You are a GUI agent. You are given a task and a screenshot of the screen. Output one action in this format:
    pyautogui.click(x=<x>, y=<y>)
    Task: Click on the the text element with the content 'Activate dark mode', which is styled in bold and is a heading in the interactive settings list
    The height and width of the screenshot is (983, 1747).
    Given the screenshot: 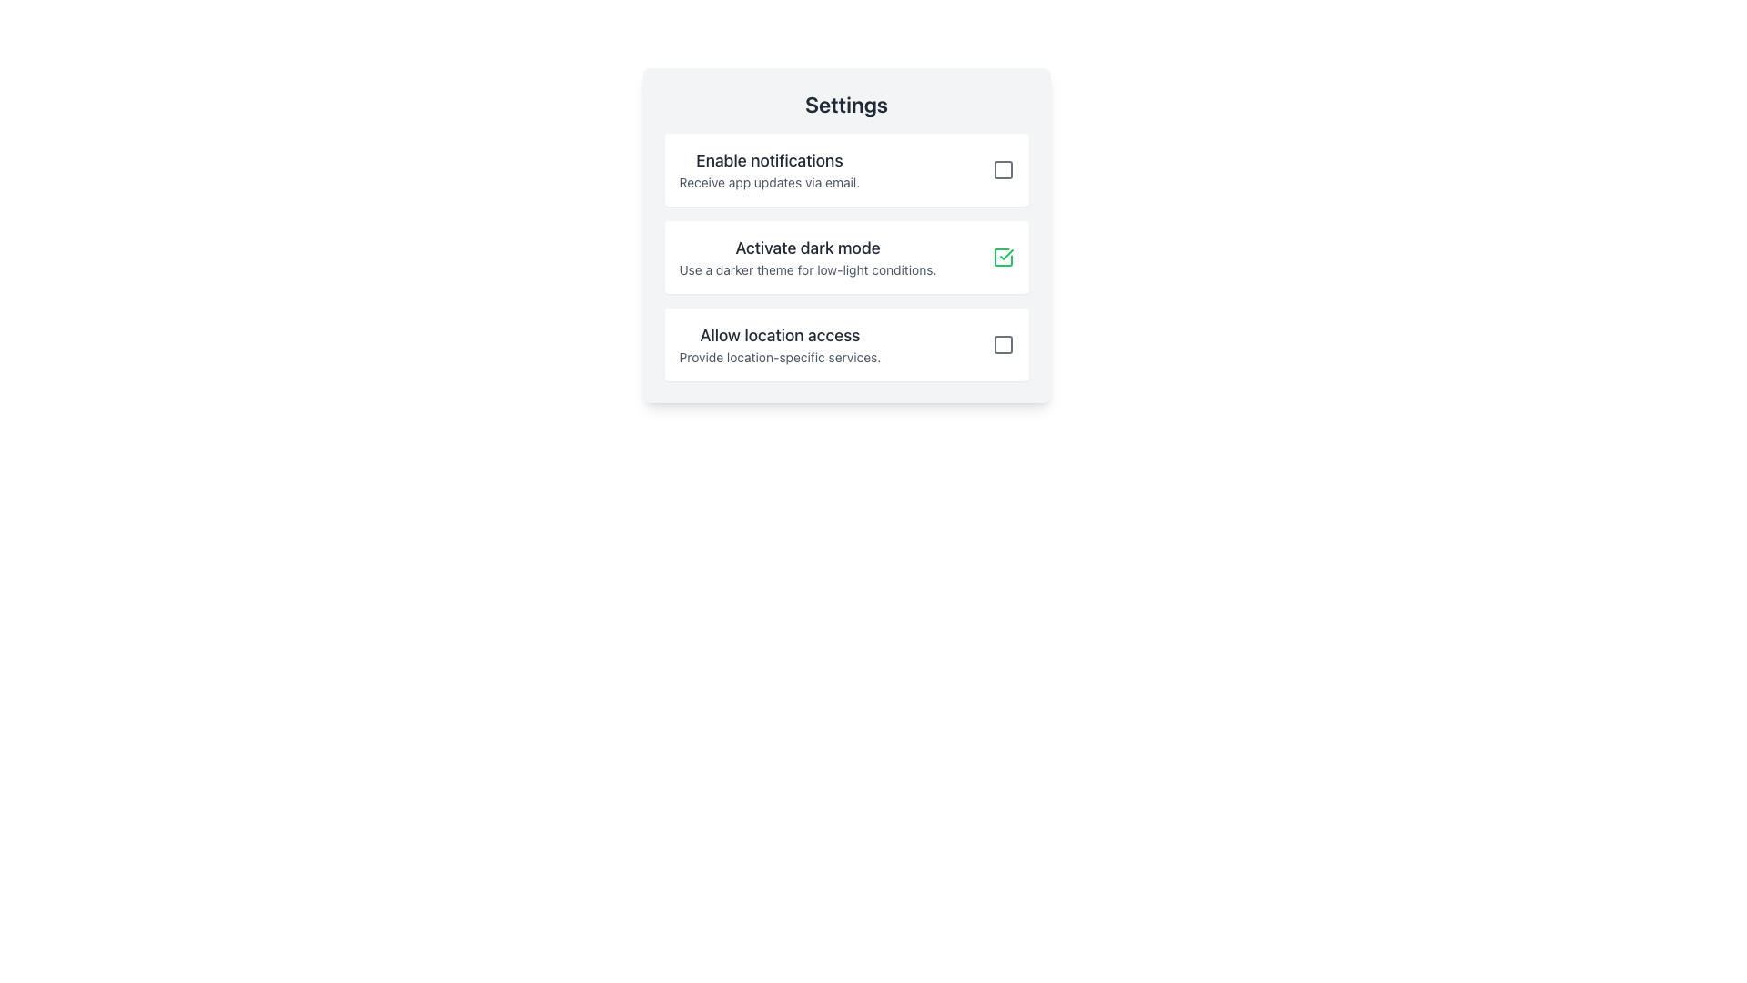 What is the action you would take?
    pyautogui.click(x=807, y=248)
    